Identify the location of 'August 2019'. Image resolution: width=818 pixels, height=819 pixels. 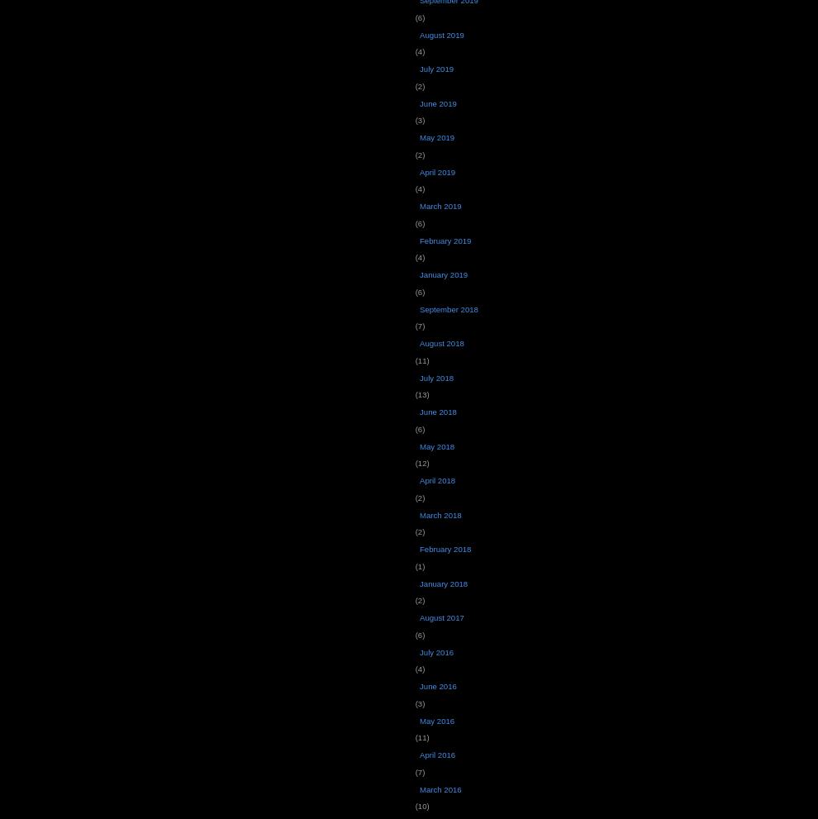
(440, 33).